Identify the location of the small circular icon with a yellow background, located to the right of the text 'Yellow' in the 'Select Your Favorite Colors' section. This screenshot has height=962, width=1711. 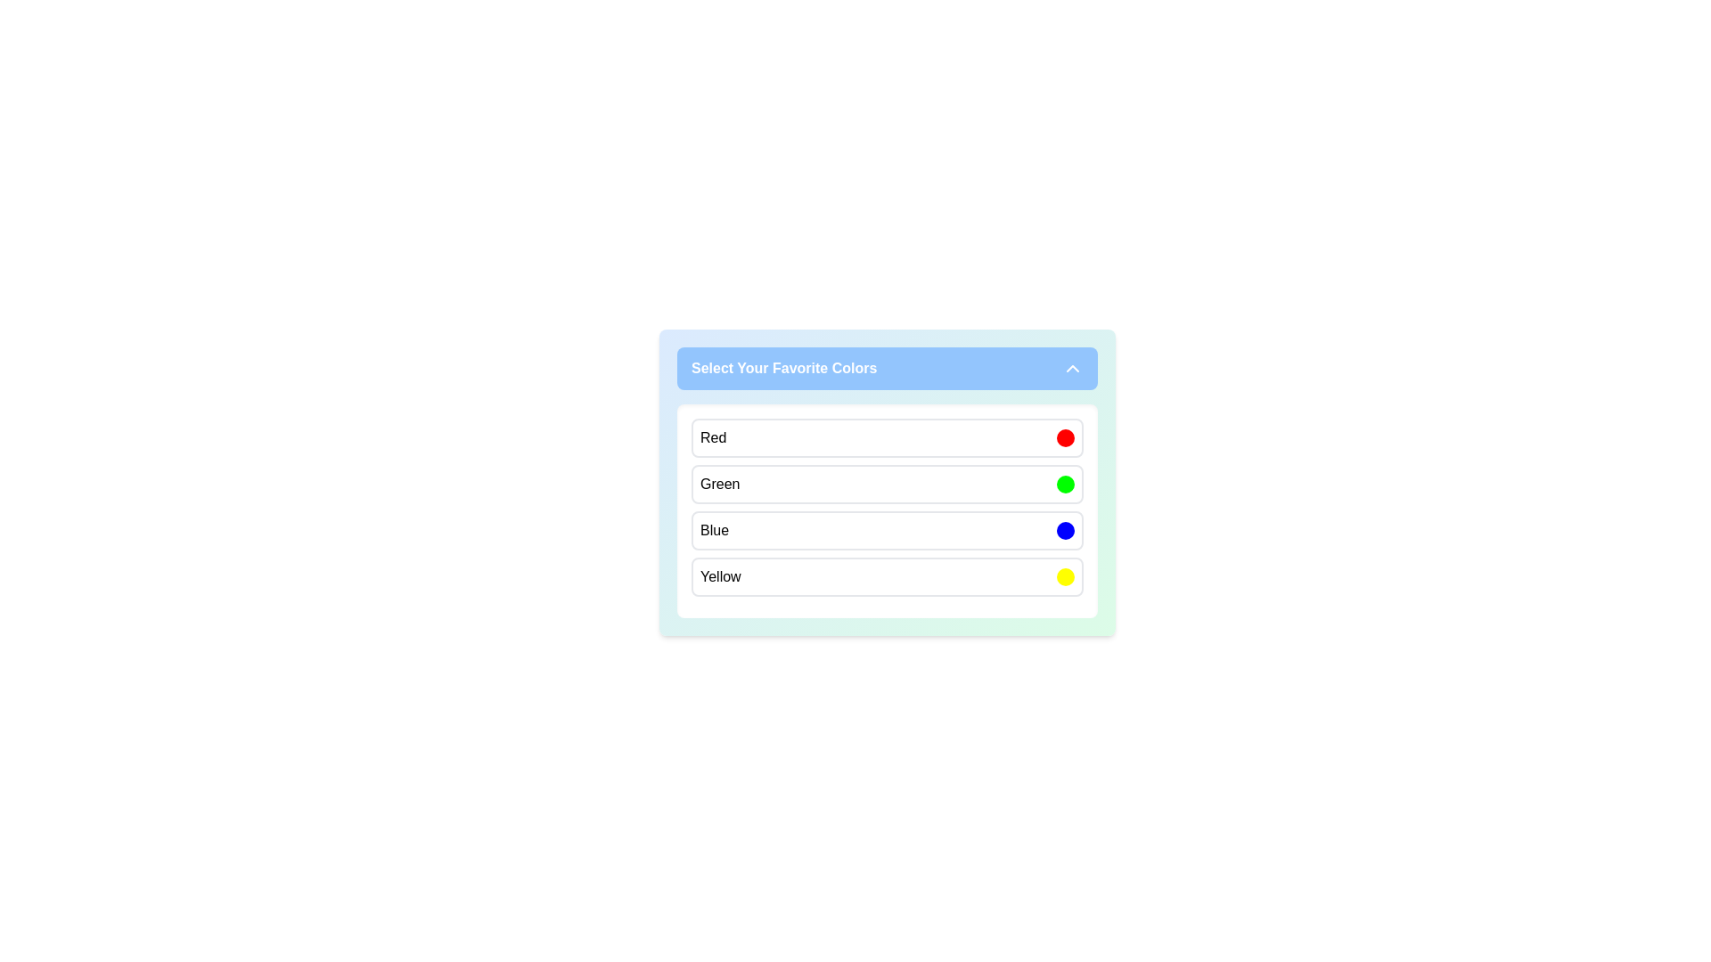
(1065, 577).